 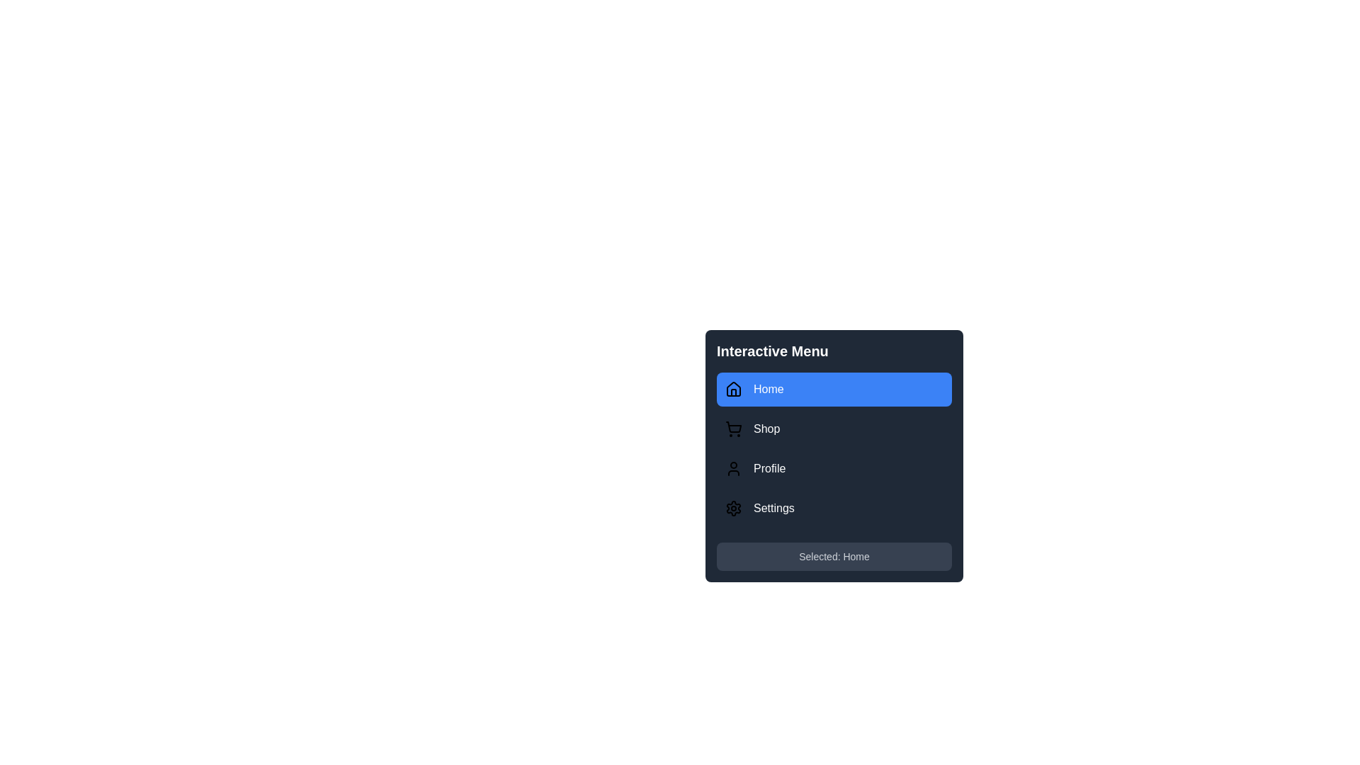 I want to click on the 'Settings' text label located at the fourth position in the vertical list of menu items, so click(x=773, y=507).